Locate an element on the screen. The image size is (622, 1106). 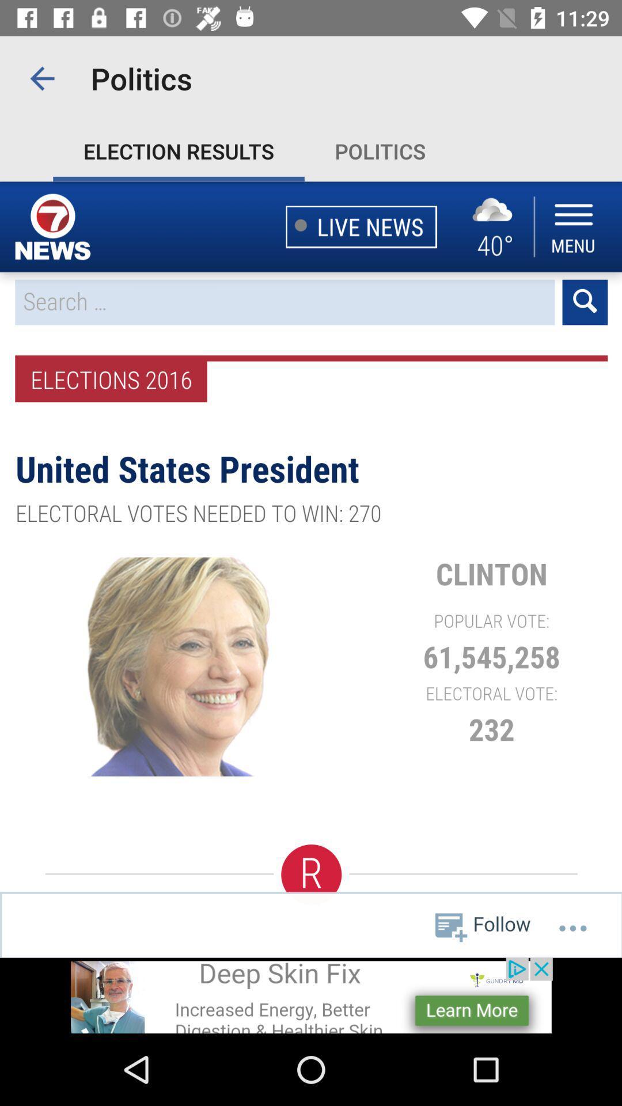
advertisement website is located at coordinates (311, 995).